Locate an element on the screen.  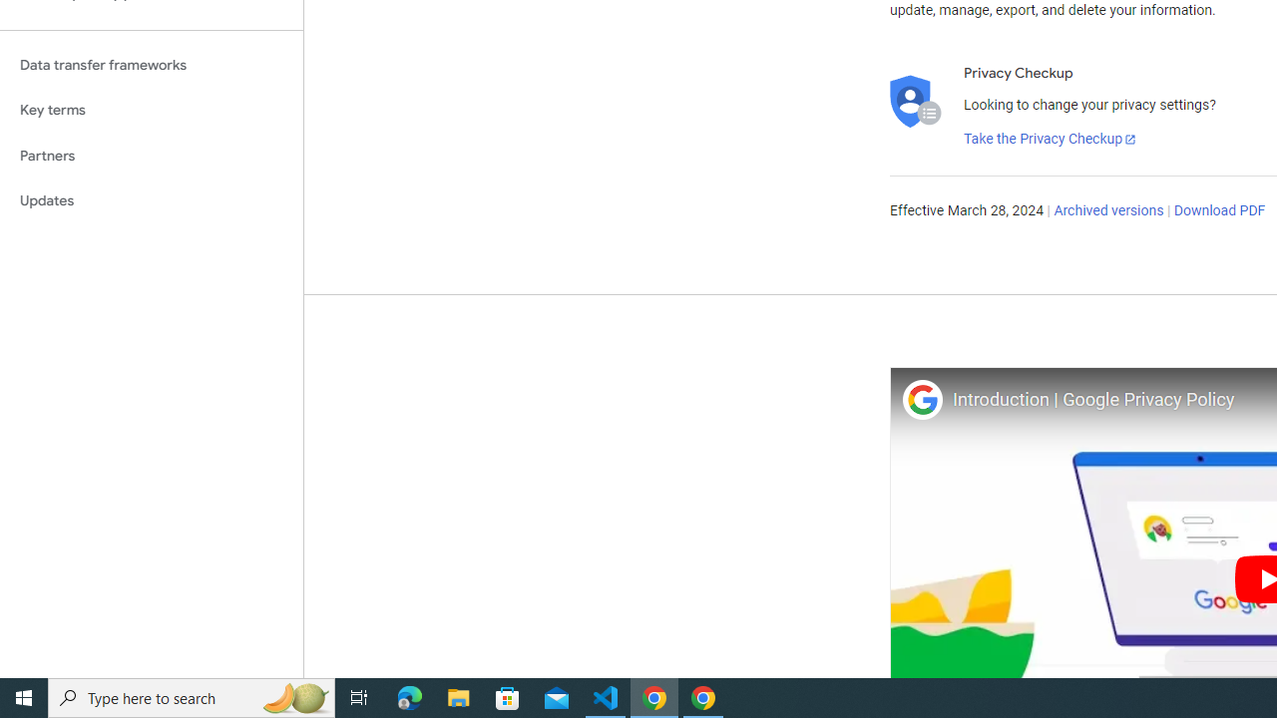
'Updates' is located at coordinates (151, 200).